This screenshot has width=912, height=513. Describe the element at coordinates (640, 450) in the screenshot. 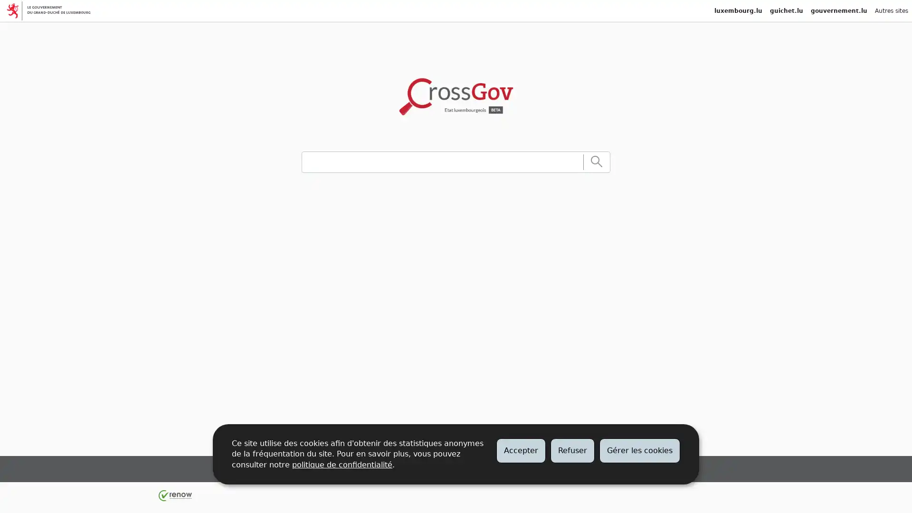

I see `Gerer les cookies` at that location.